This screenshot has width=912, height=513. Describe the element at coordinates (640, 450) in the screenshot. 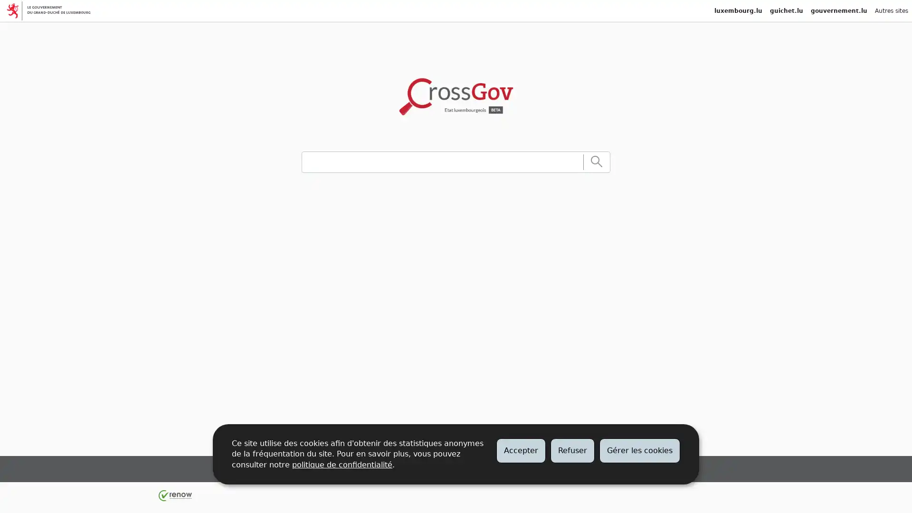

I see `Gerer les cookies` at that location.